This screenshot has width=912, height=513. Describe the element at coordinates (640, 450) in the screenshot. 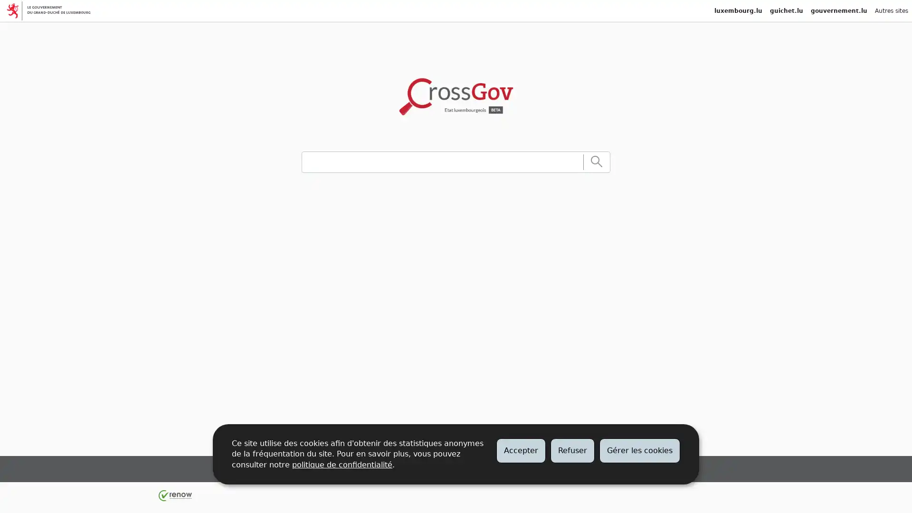

I see `Gerer les cookies` at that location.